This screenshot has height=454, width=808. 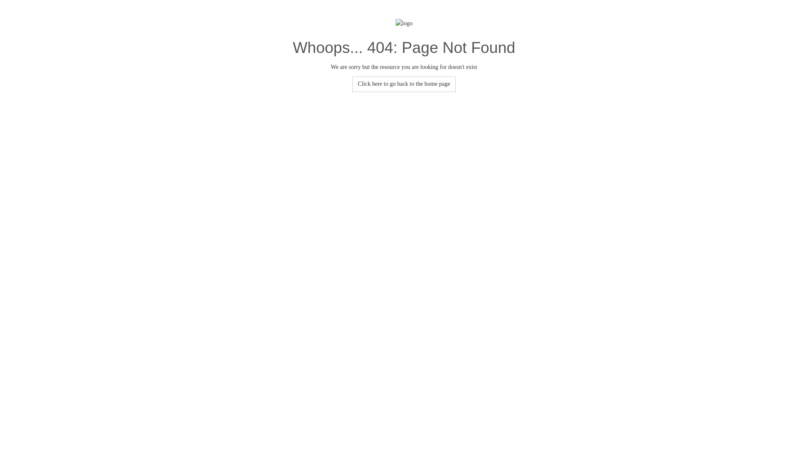 What do you see at coordinates (403, 84) in the screenshot?
I see `'Click here to go back to the home page'` at bounding box center [403, 84].